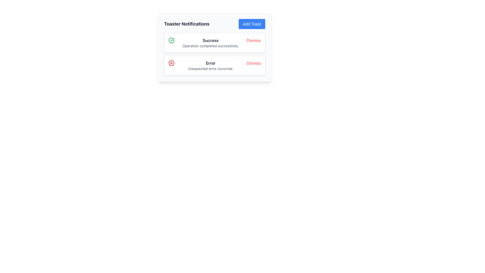 This screenshot has height=273, width=485. Describe the element at coordinates (210, 40) in the screenshot. I see `text content of the Text Label located in the first notification card of the toaster notifications panel, which summarizes the notification status` at that location.